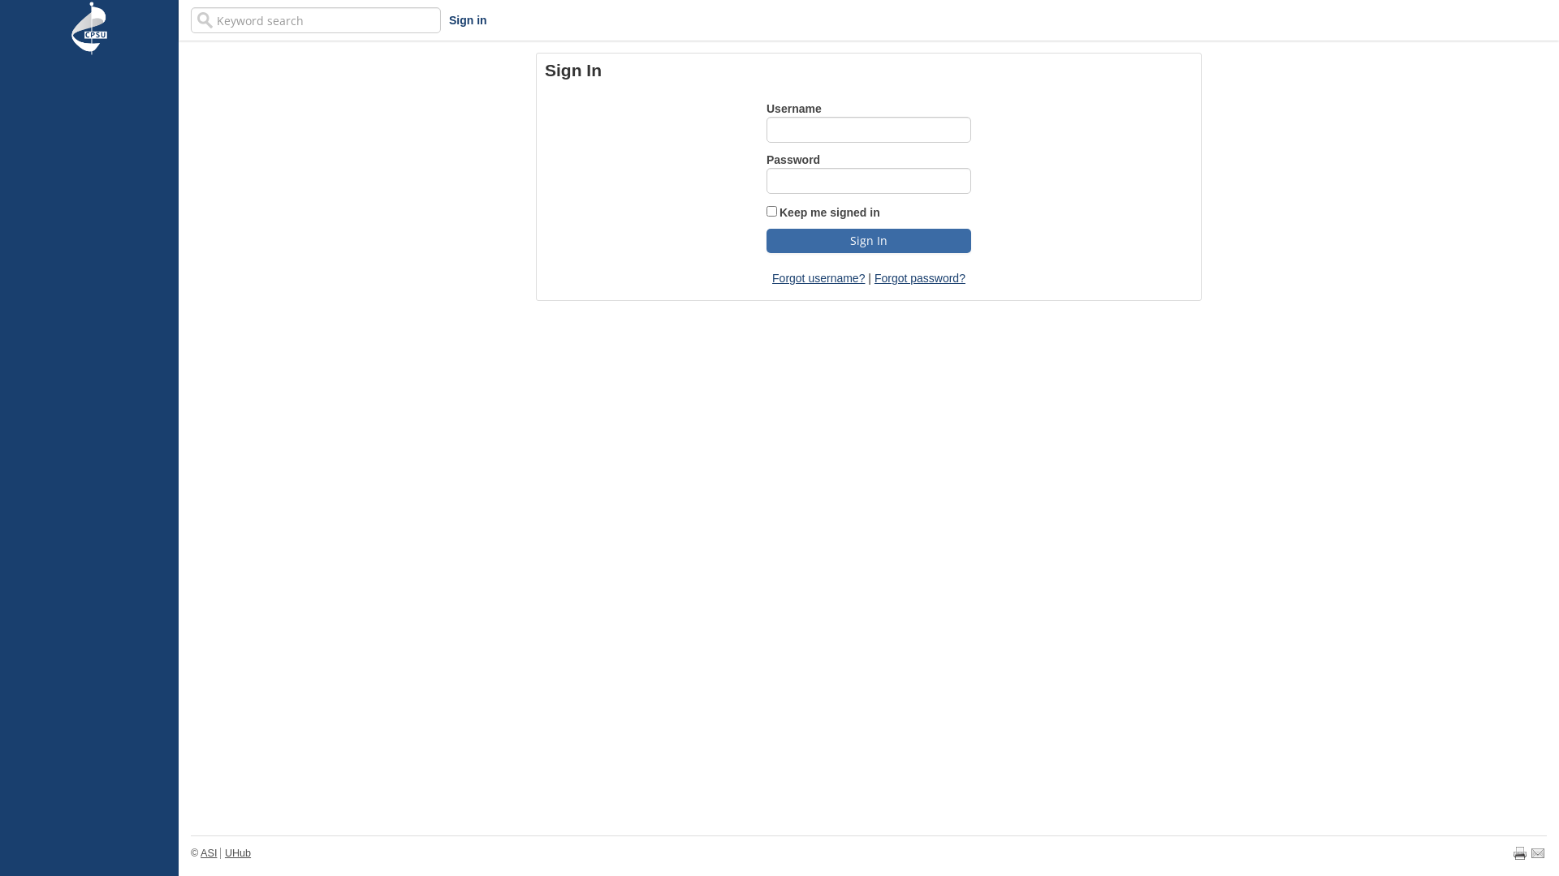 The height and width of the screenshot is (876, 1559). Describe the element at coordinates (818, 277) in the screenshot. I see `'Forgot username?'` at that location.